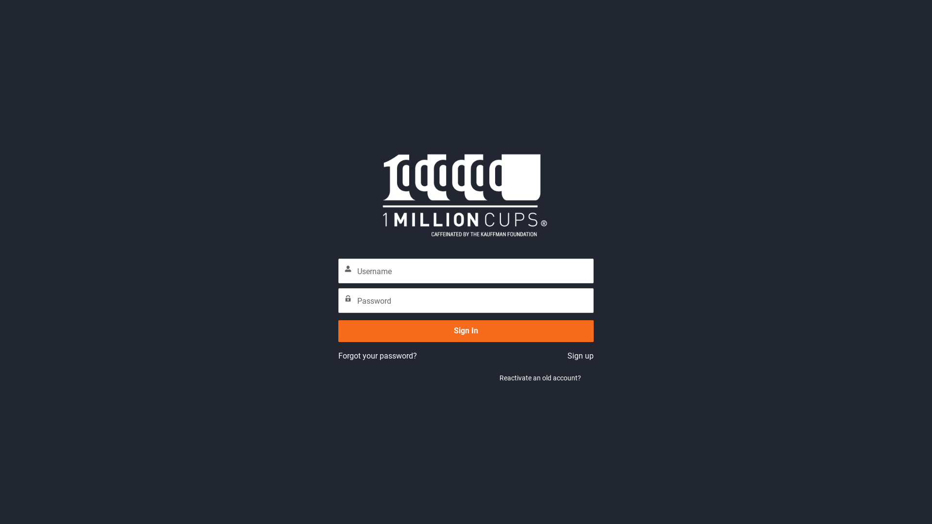 The width and height of the screenshot is (932, 524). What do you see at coordinates (466, 330) in the screenshot?
I see `'Sign In'` at bounding box center [466, 330].